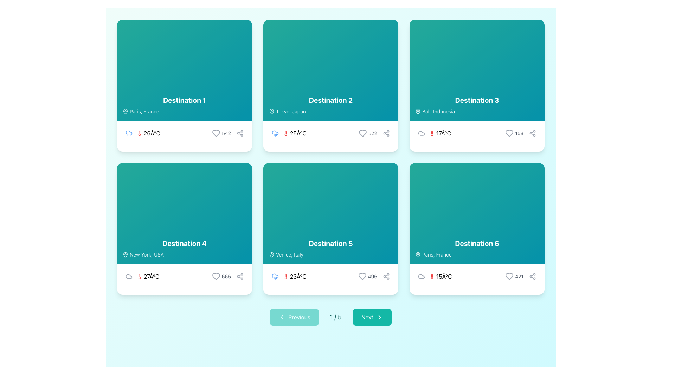 The width and height of the screenshot is (675, 379). I want to click on displayed temperature and weather information from the Informational display component located in the lower portion of the 'Destination 2' card, which shows the weather conditions for Tokyo, Japan, so click(330, 136).